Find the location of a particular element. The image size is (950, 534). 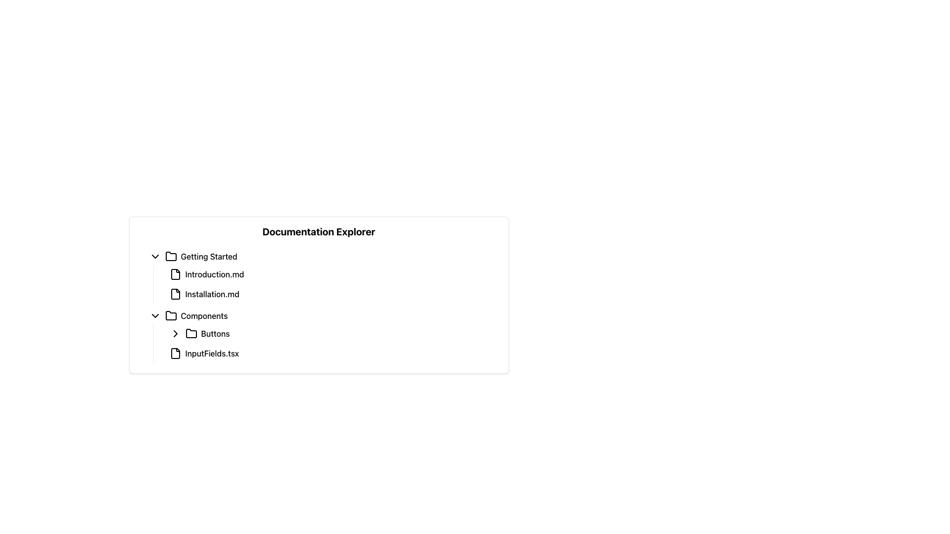

the right-pointing chevron SVG icon is located at coordinates (175, 334).